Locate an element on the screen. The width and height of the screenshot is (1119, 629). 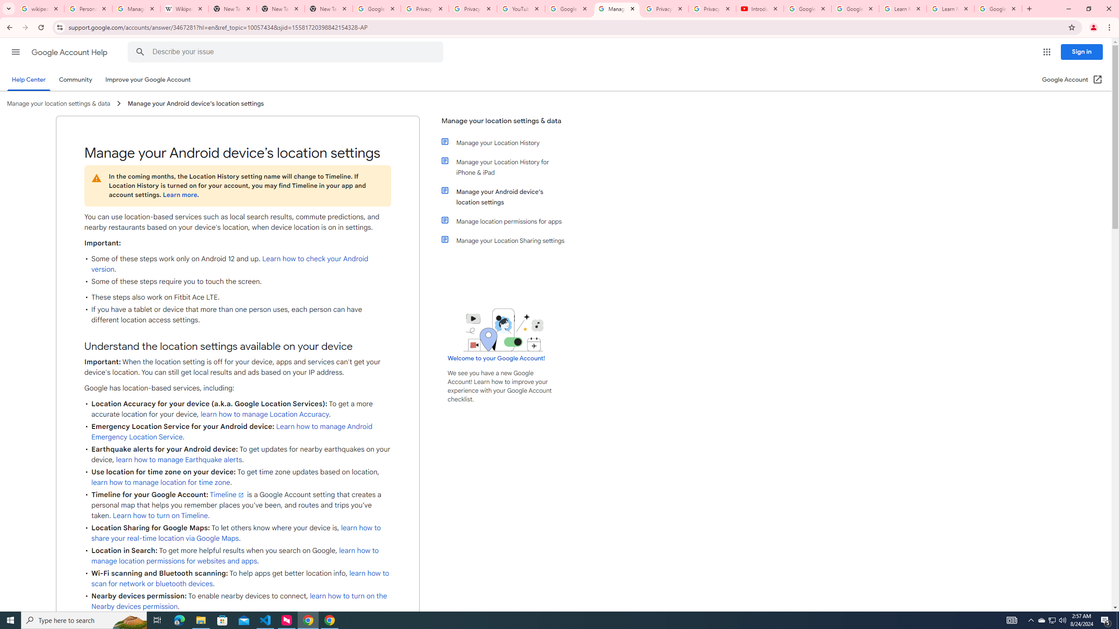
'Google Account Help' is located at coordinates (70, 52).